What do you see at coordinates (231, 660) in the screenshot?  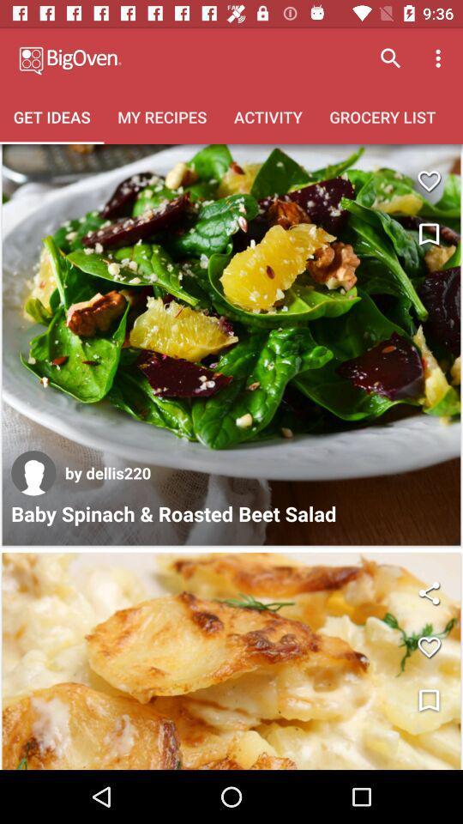 I see `open image` at bounding box center [231, 660].